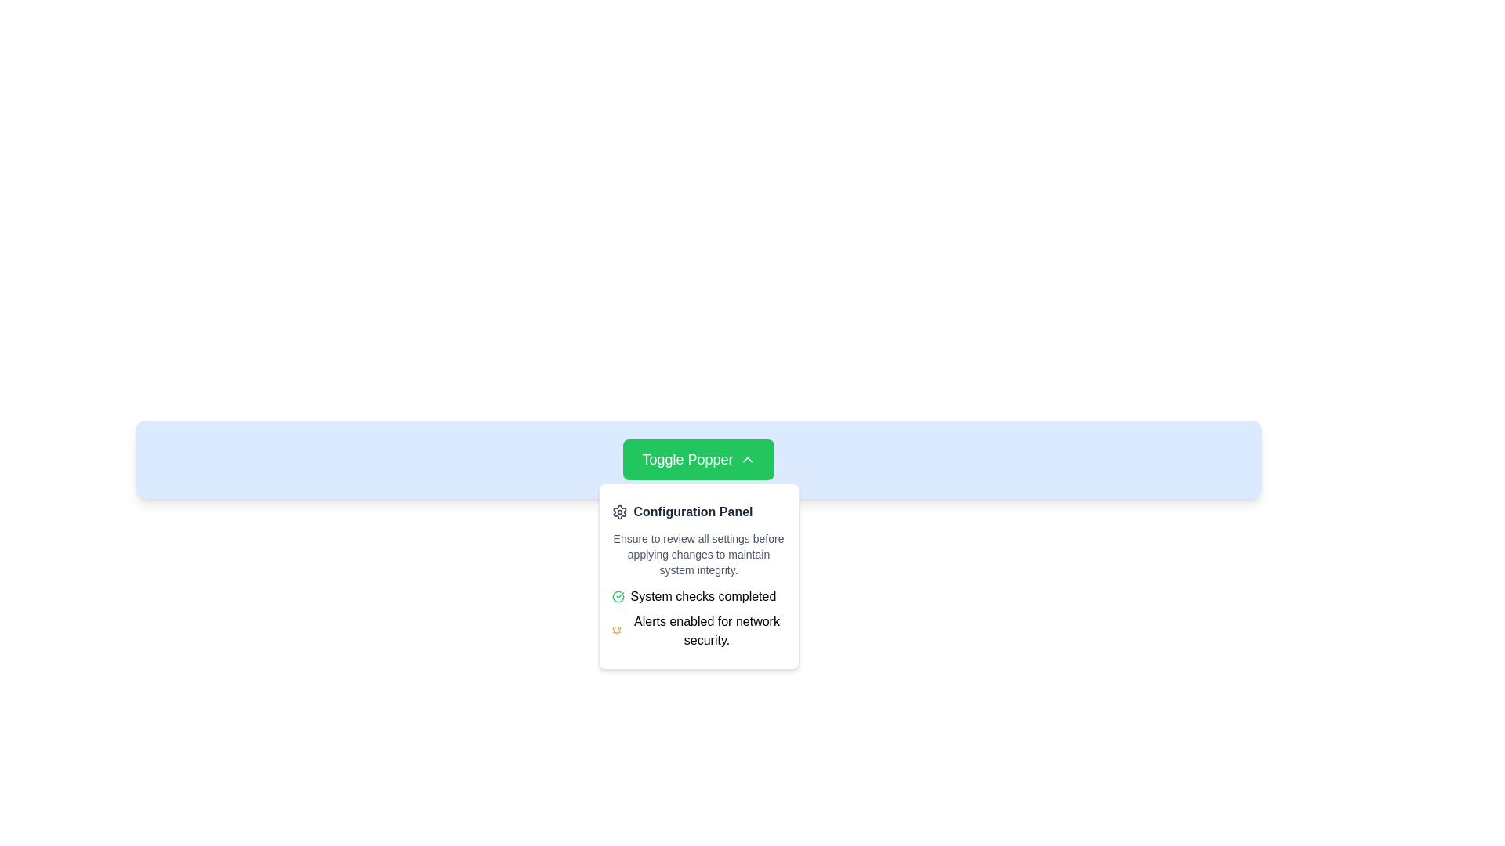 Image resolution: width=1505 pixels, height=846 pixels. I want to click on the Text Label that indicates the current context or focus area within the user interface, positioned to the right of a gear icon and below a green button labeled 'Toggle Popper', so click(692, 512).